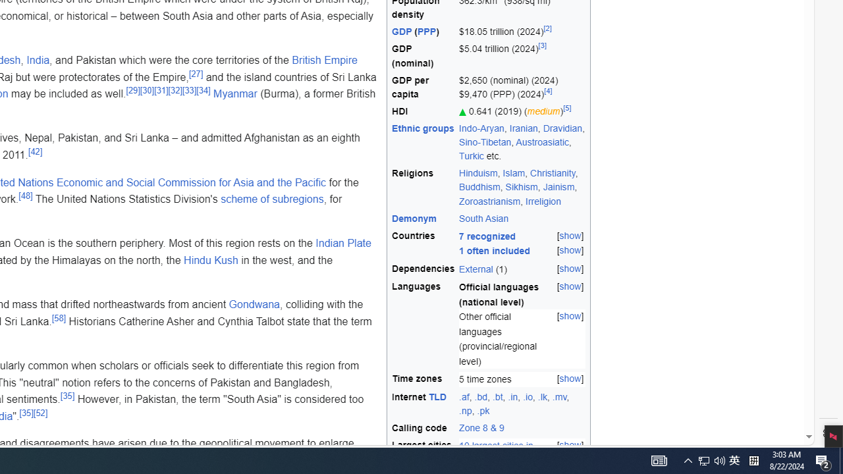  I want to click on 'Ethnic groups', so click(423, 143).